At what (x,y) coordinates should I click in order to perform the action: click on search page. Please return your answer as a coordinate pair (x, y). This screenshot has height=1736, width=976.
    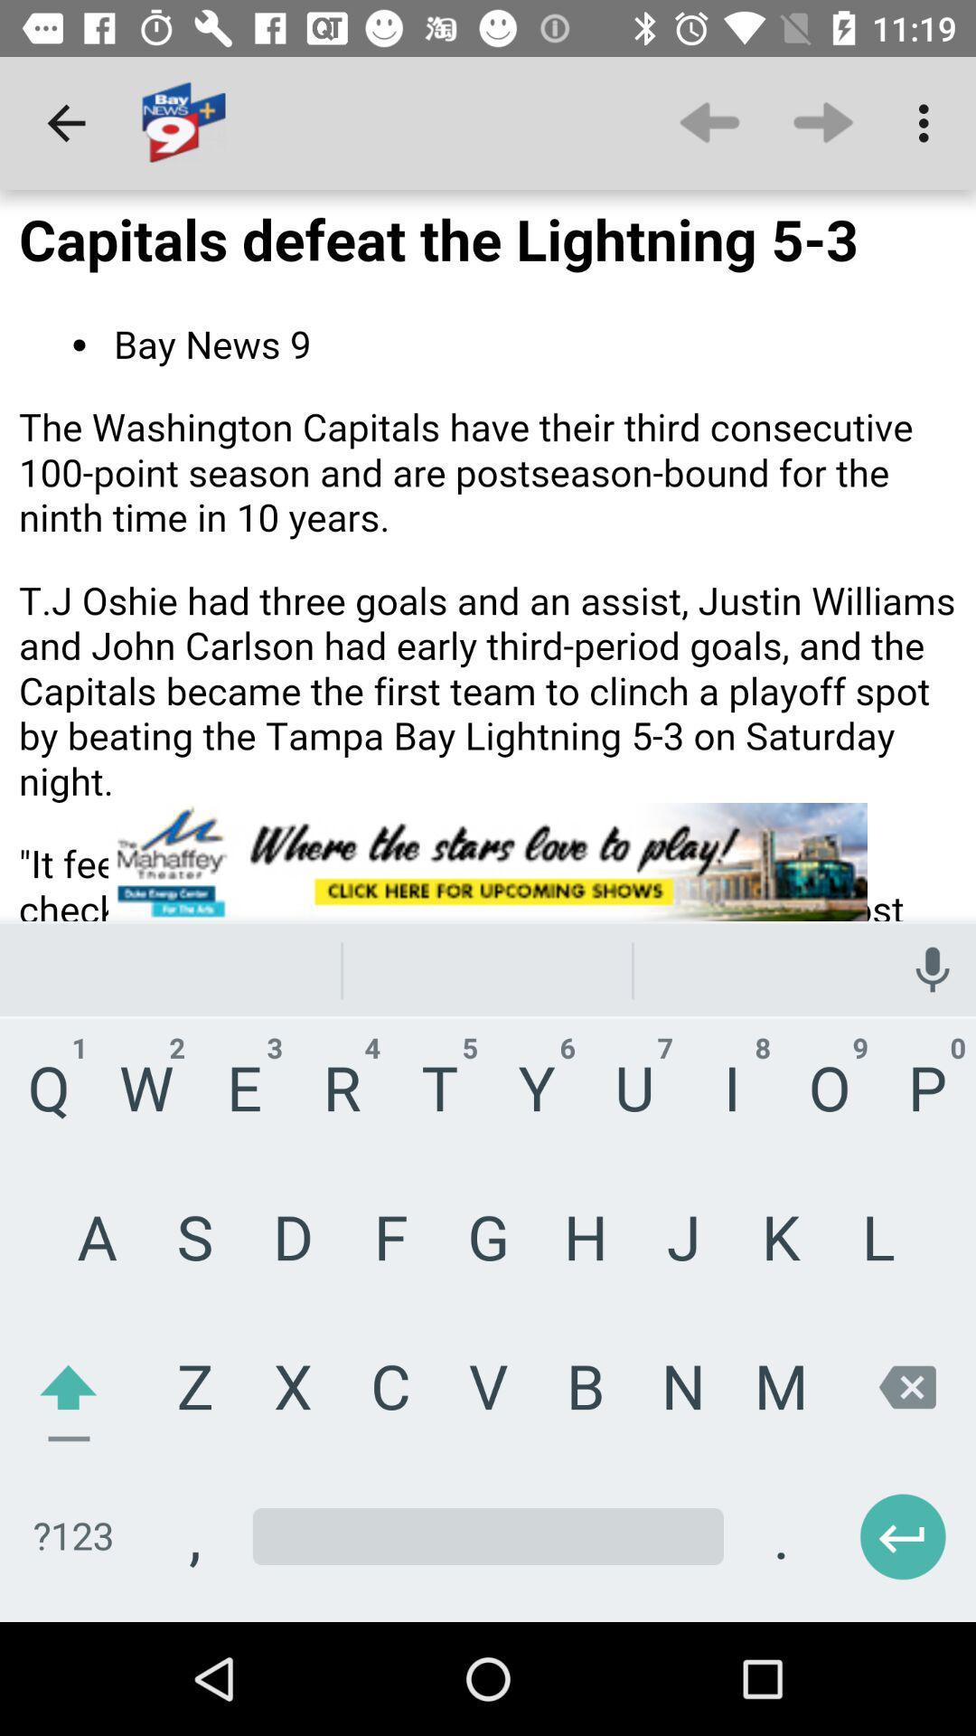
    Looking at the image, I should click on (488, 906).